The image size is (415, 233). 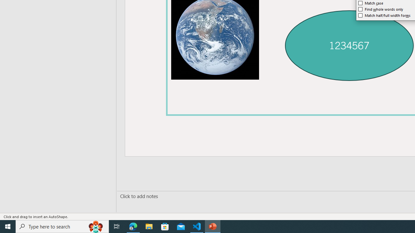 What do you see at coordinates (213, 226) in the screenshot?
I see `'PowerPoint - 1 running window'` at bounding box center [213, 226].